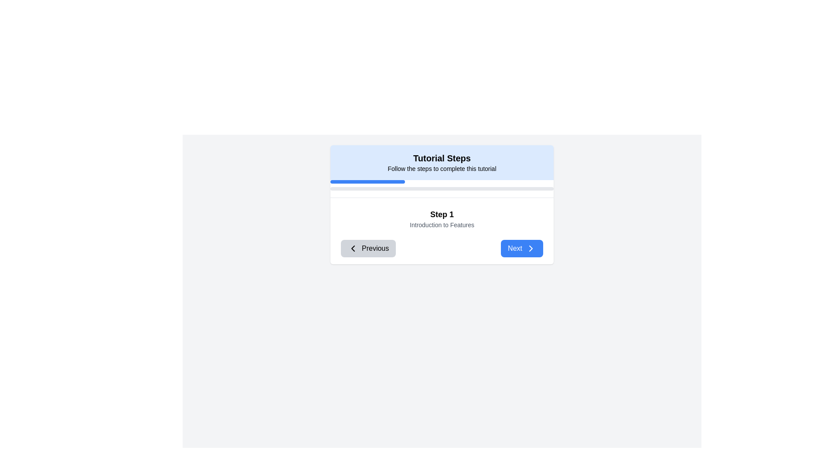  Describe the element at coordinates (359, 188) in the screenshot. I see `the progress bar completion` at that location.